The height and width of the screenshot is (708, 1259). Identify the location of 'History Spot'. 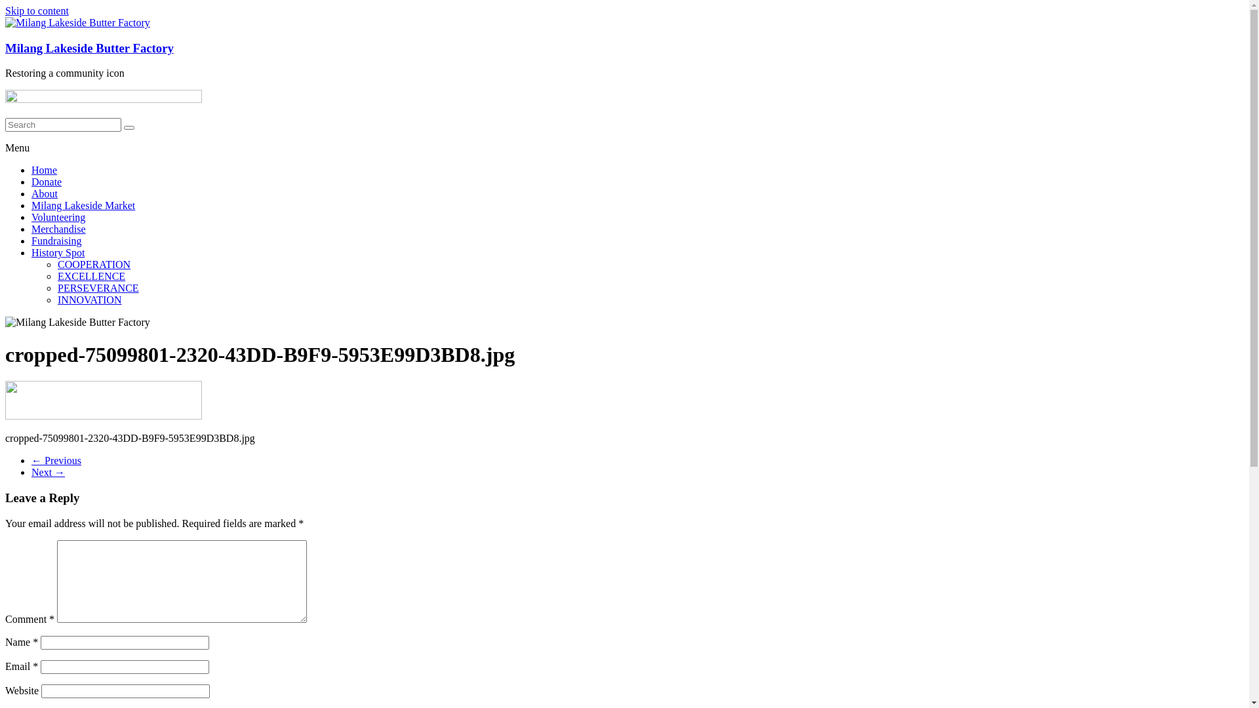
(31, 252).